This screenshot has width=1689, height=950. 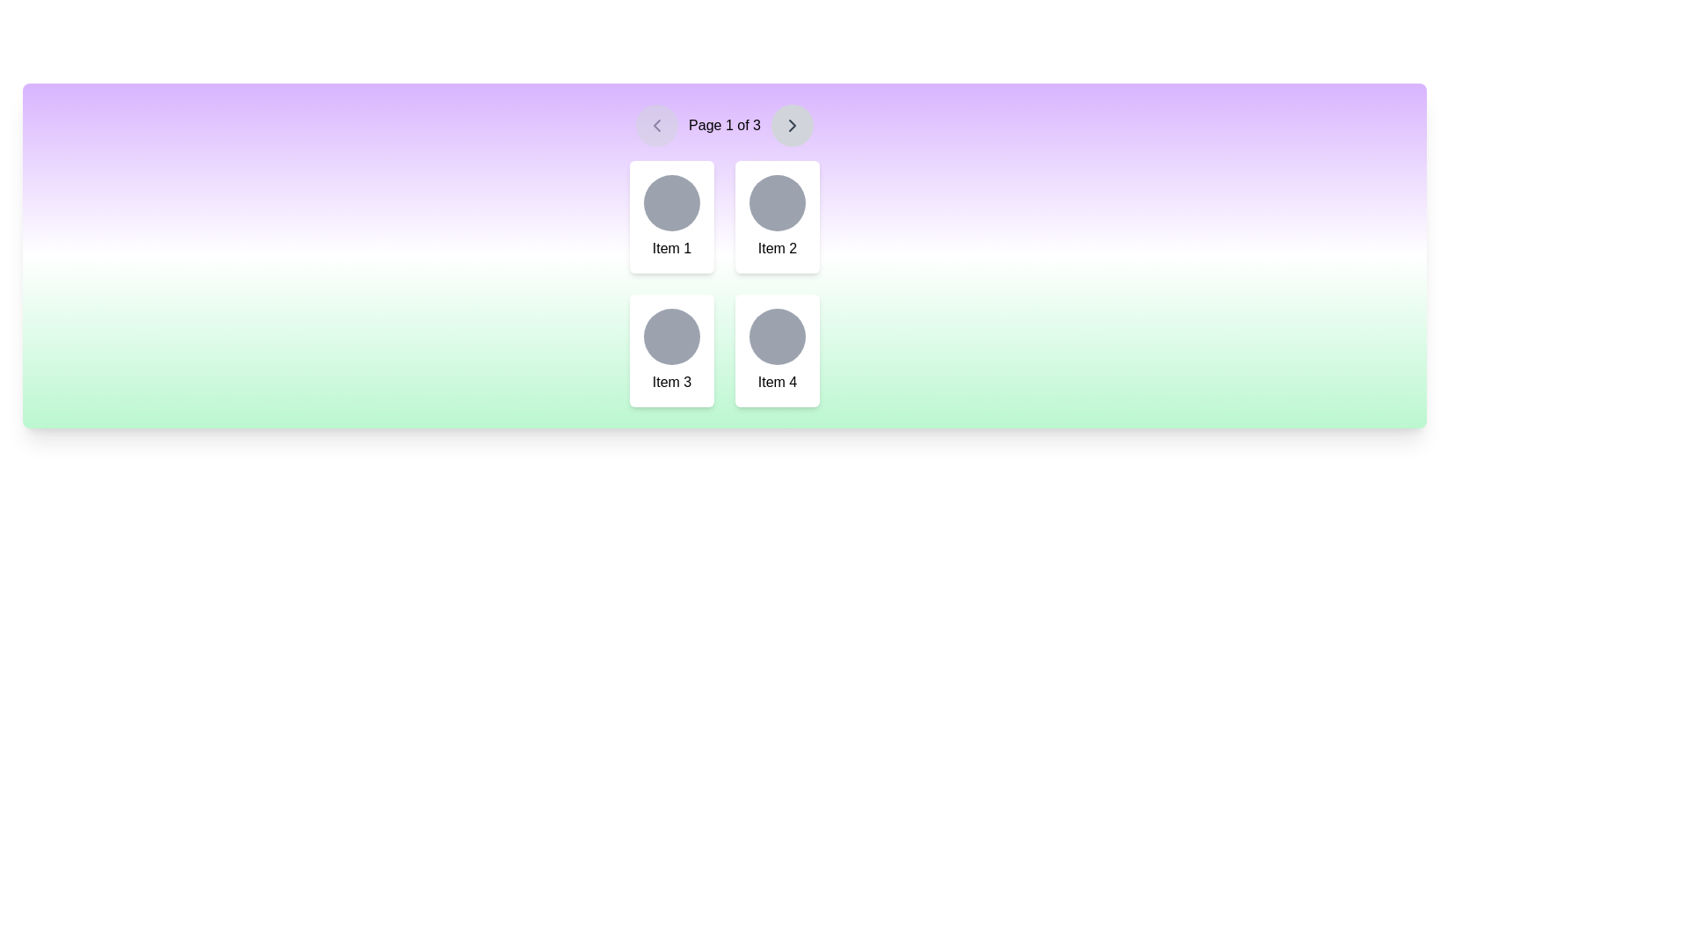 I want to click on the static text display showing pagination information 'Page 1 of 3', which is centrally located within the pagination bar between two chevron icon buttons, so click(x=725, y=124).